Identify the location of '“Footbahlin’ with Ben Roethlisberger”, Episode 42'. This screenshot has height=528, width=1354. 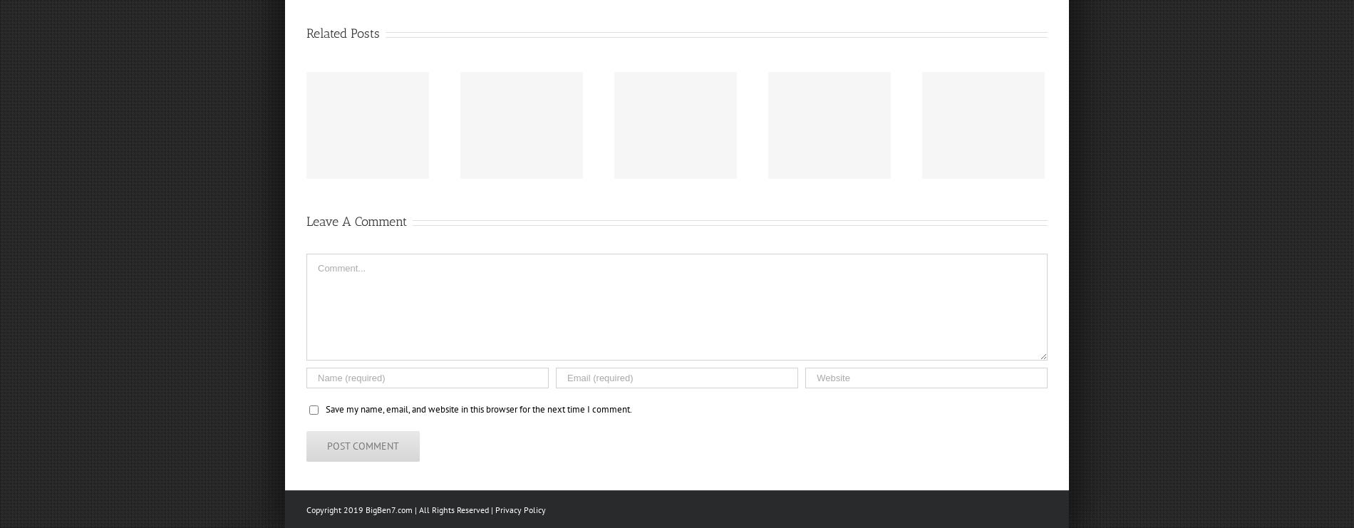
(859, 140).